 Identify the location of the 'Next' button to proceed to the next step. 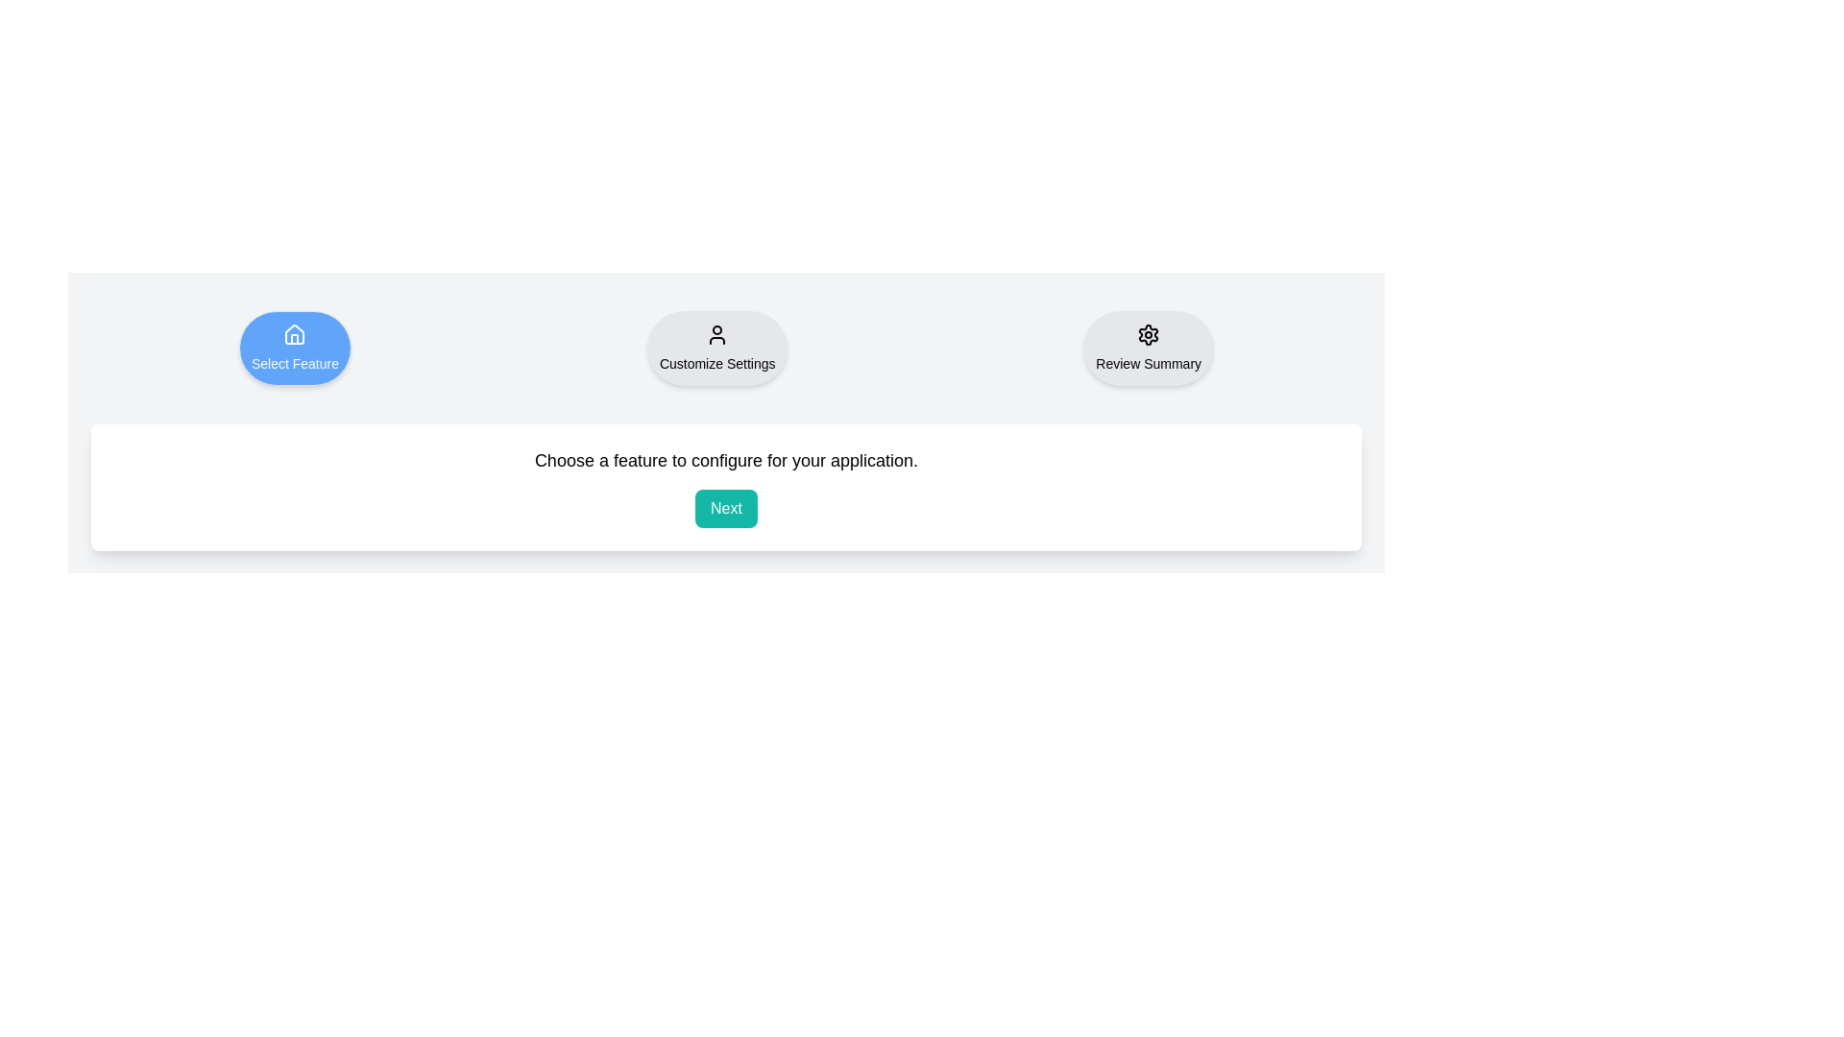
(725, 507).